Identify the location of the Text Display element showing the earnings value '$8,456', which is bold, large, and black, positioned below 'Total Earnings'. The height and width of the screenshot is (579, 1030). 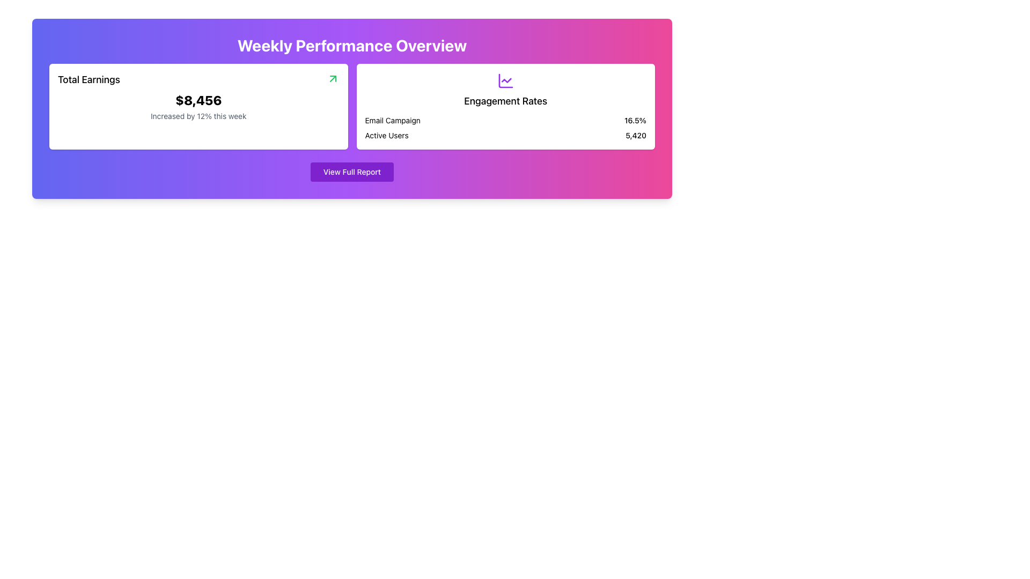
(198, 100).